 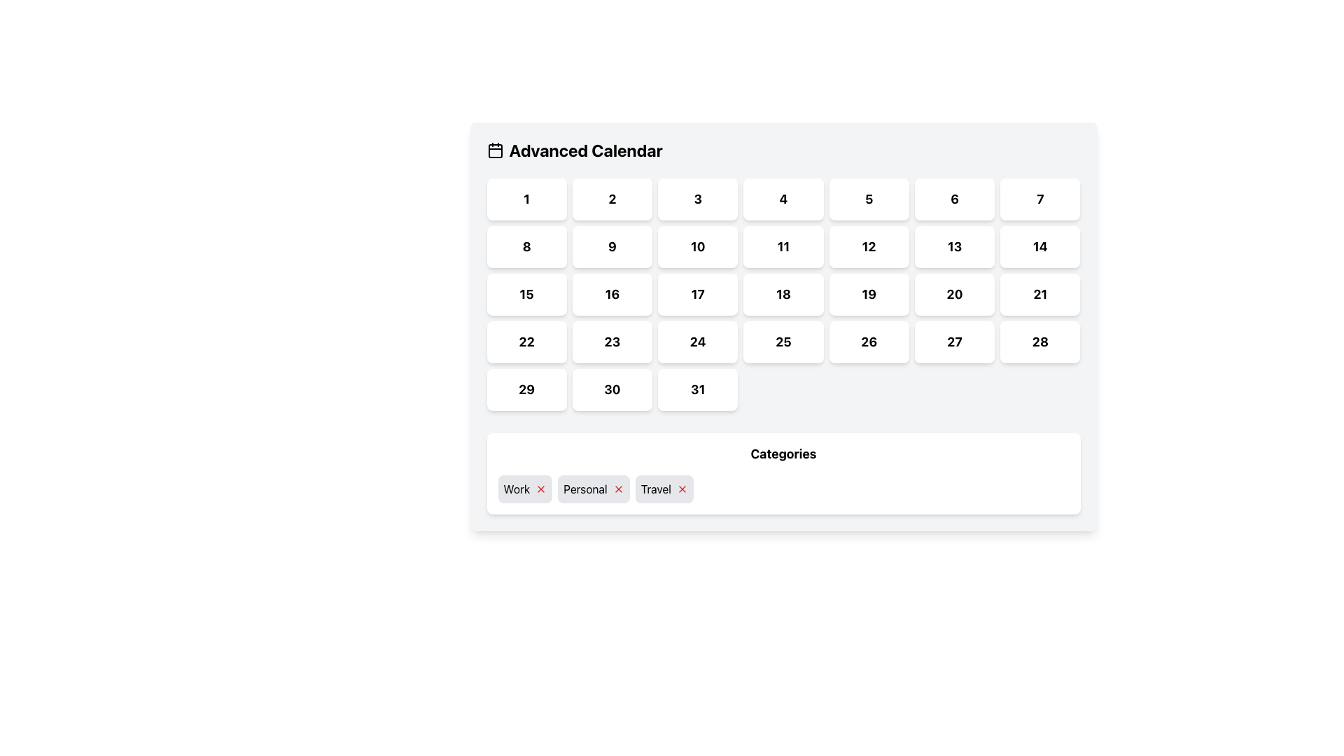 I want to click on the text label representing the day number '4' in the calendar view, which is located in the topmost row, fourth column under the 'Advanced Calendar' header, so click(x=783, y=199).